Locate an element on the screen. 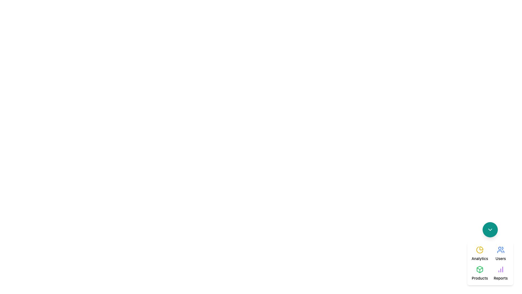 The image size is (522, 294). the top icon representing the 'Users' category is located at coordinates (500, 250).